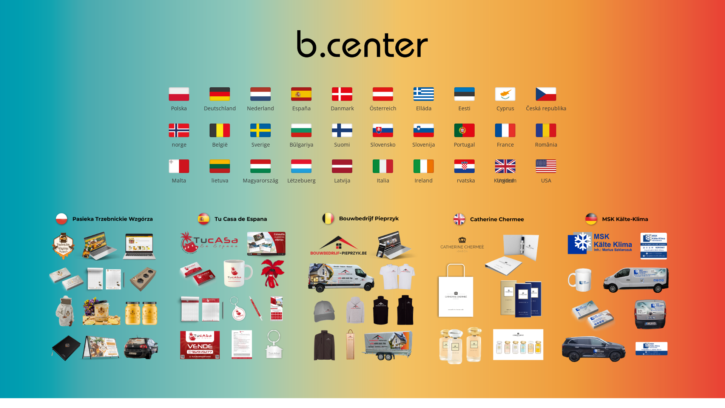 The image size is (725, 408). Describe the element at coordinates (219, 180) in the screenshot. I see `'lietuva'` at that location.